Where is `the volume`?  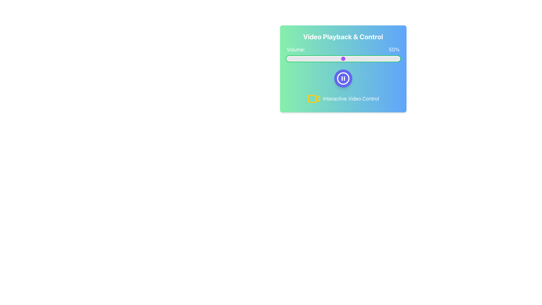 the volume is located at coordinates (396, 59).